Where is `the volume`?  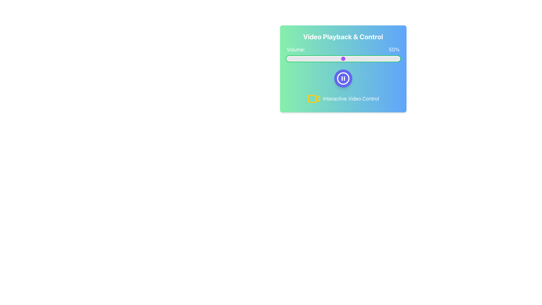 the volume is located at coordinates (396, 59).